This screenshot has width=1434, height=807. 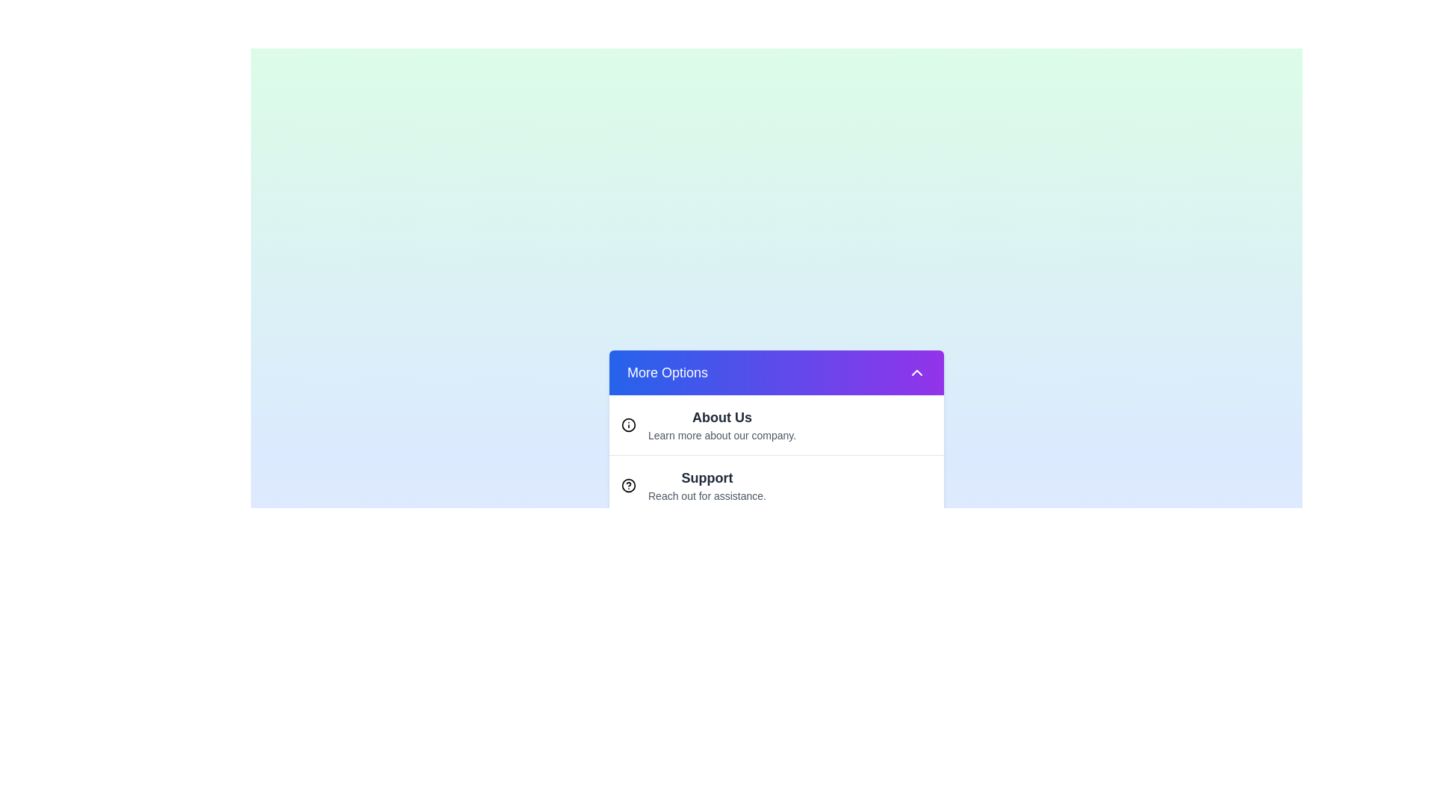 What do you see at coordinates (777, 424) in the screenshot?
I see `the option About Us from the dropdown menu` at bounding box center [777, 424].